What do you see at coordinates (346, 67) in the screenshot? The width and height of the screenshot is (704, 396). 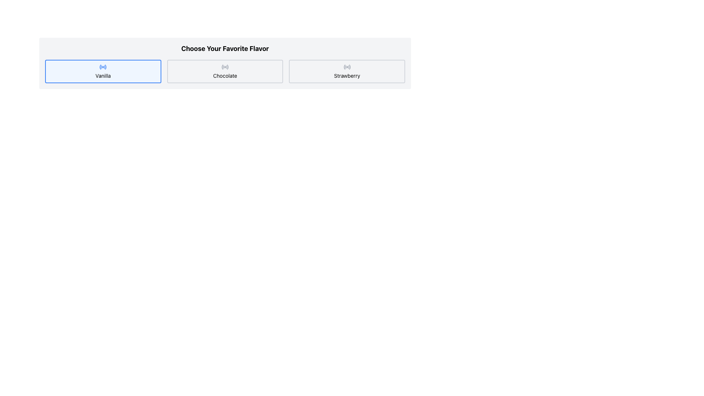 I see `the small gray radio button icon located within the 'Strawberry' button, which is styled with concentric circular outlines and a central filled circle` at bounding box center [346, 67].